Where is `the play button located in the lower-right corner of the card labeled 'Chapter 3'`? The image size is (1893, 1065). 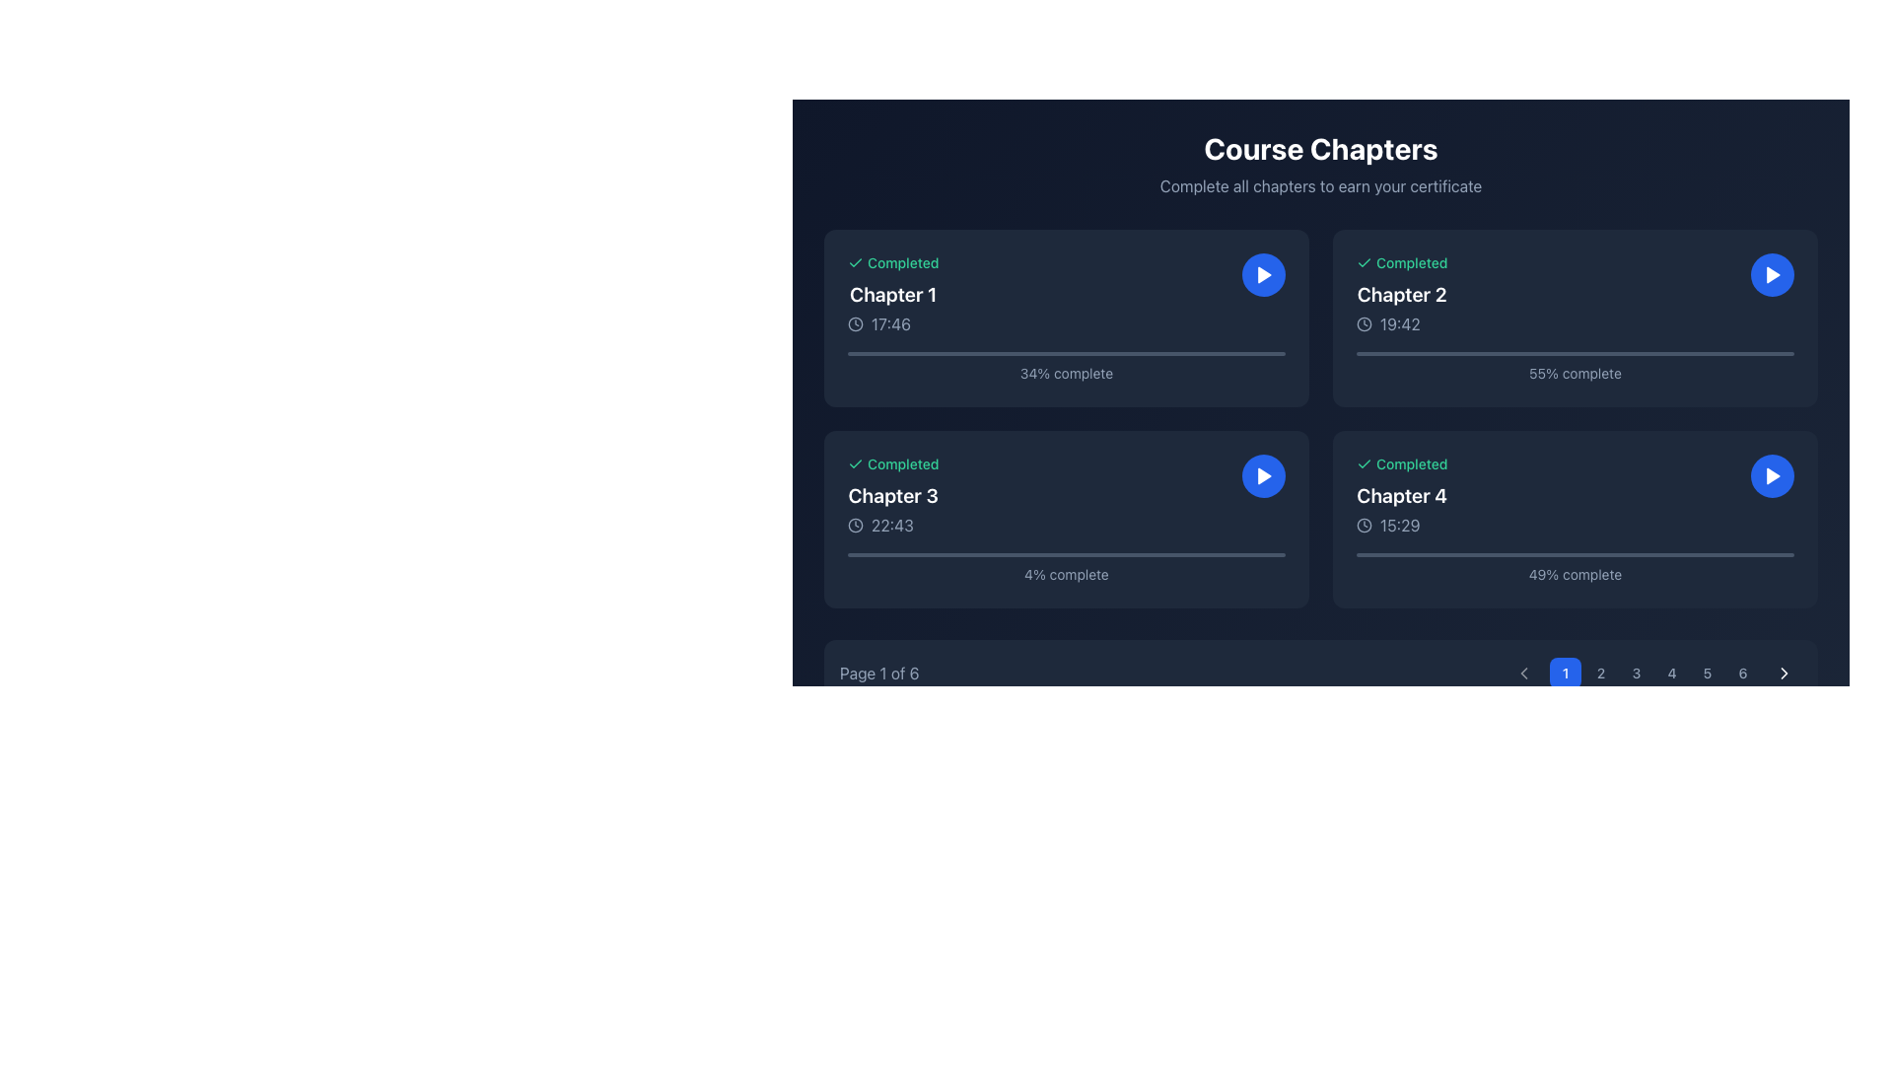 the play button located in the lower-right corner of the card labeled 'Chapter 3' is located at coordinates (1263, 475).